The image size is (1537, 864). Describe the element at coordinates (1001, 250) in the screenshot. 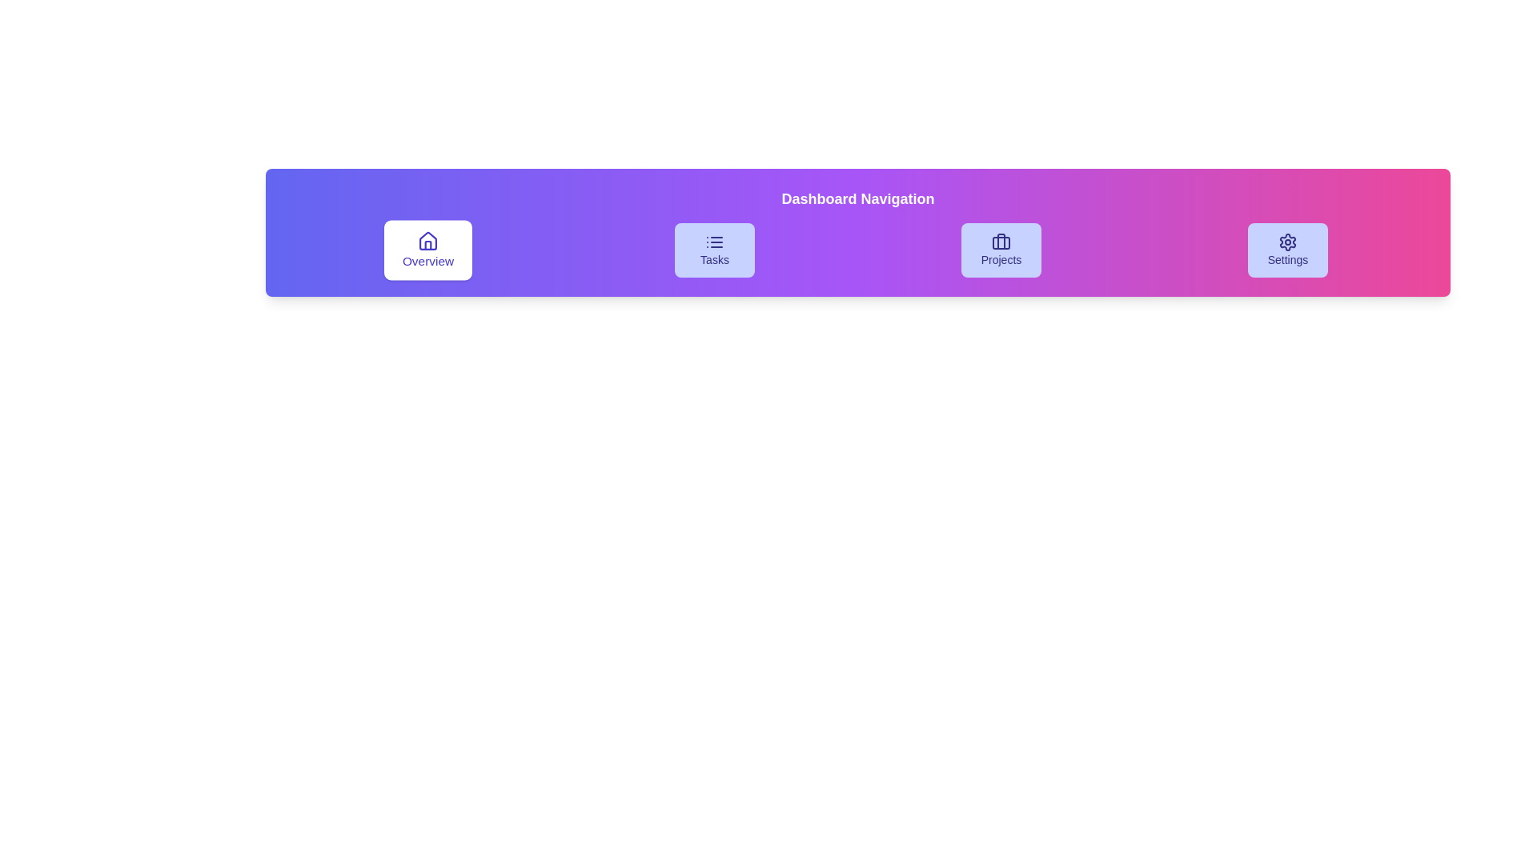

I see `the Projects button to navigate to the corresponding section` at that location.